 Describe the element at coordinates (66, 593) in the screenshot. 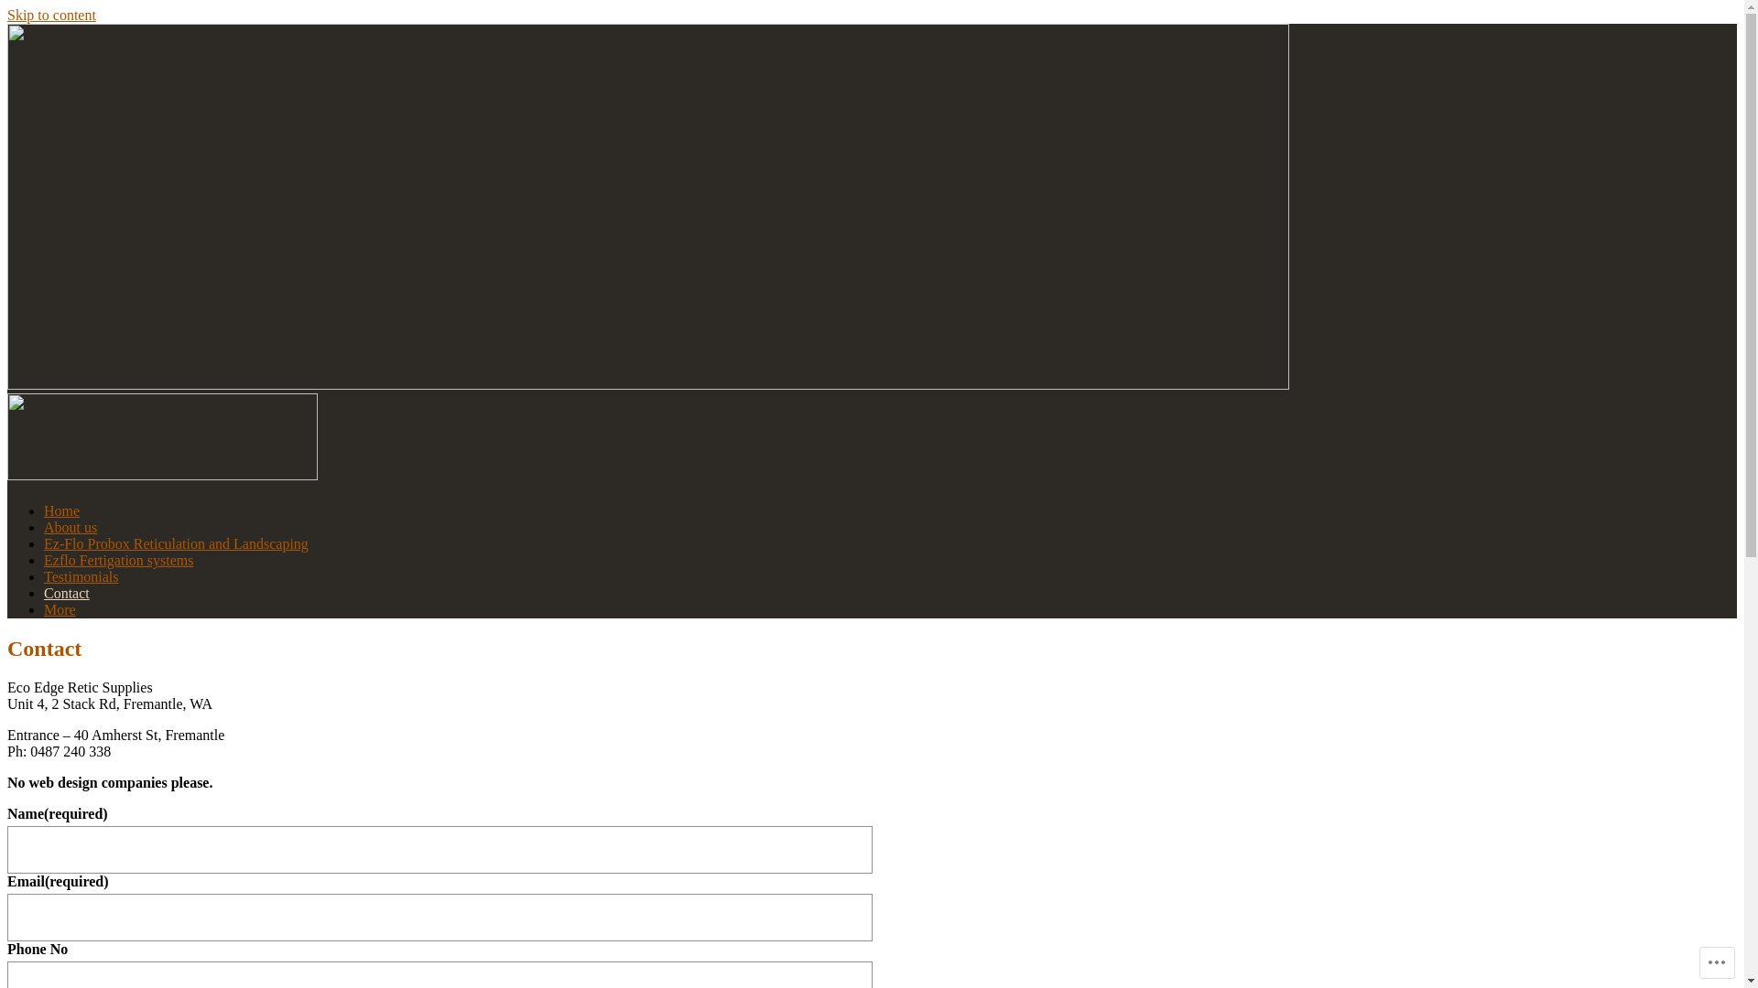

I see `'Contact'` at that location.